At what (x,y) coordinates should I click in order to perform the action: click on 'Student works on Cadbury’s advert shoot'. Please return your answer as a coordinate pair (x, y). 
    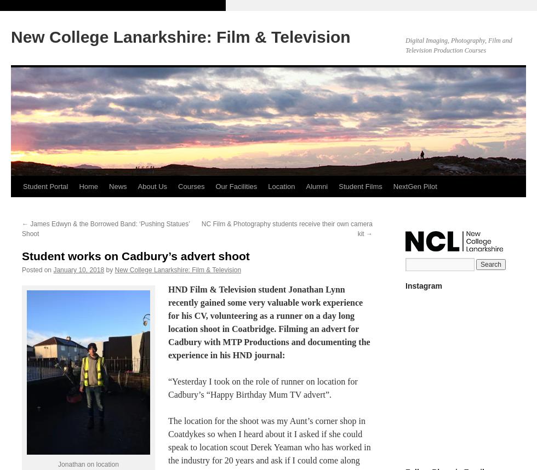
    Looking at the image, I should click on (135, 256).